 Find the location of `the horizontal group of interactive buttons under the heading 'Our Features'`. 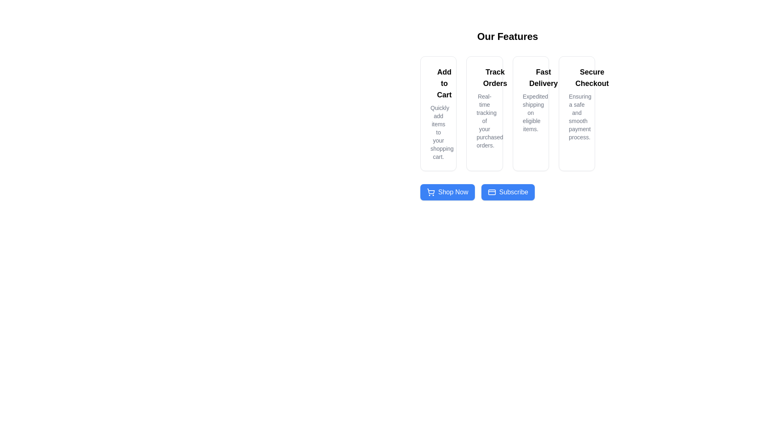

the horizontal group of interactive buttons under the heading 'Our Features' is located at coordinates (507, 192).